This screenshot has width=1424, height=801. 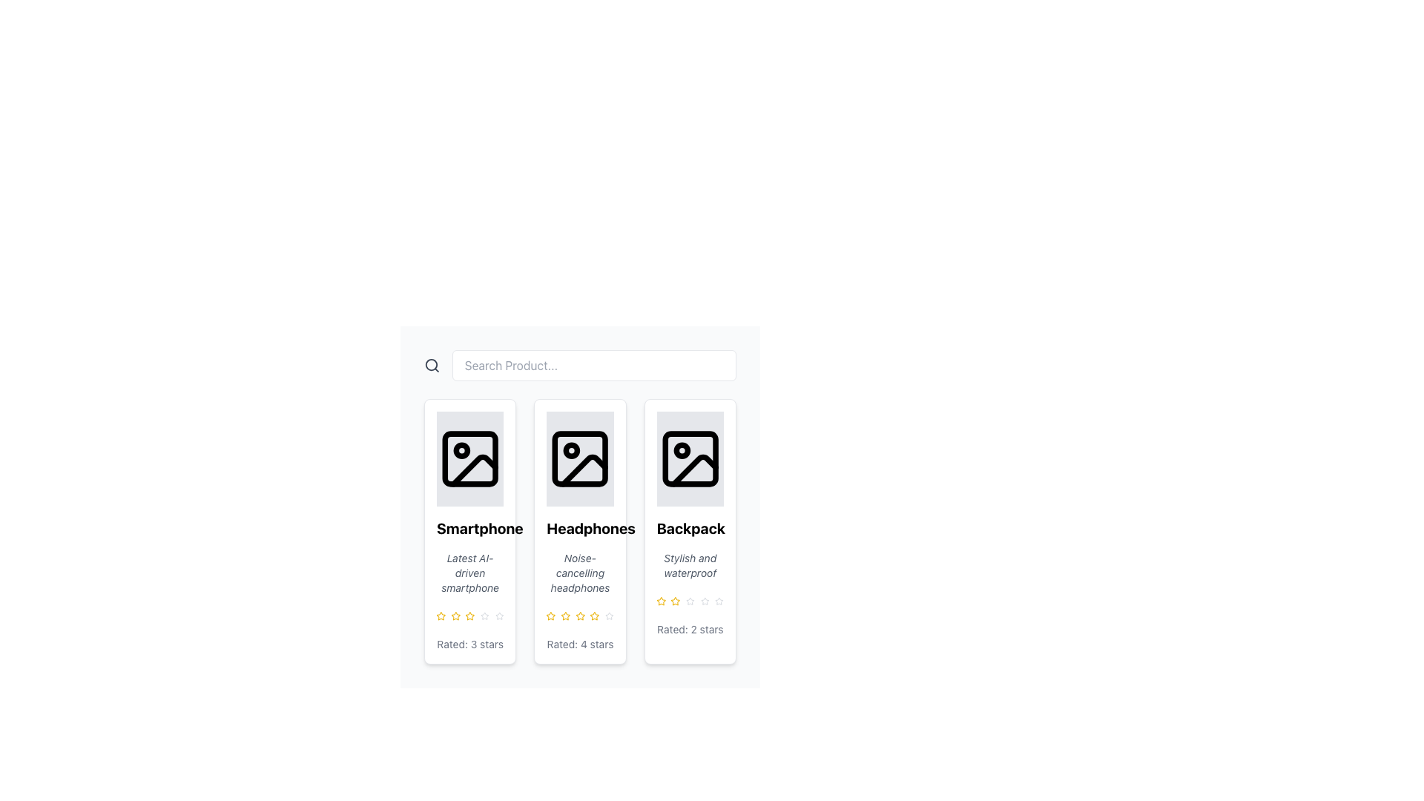 What do you see at coordinates (550, 616) in the screenshot?
I see `the second star icon representing a rating of four stars for the 'Headphones' product` at bounding box center [550, 616].